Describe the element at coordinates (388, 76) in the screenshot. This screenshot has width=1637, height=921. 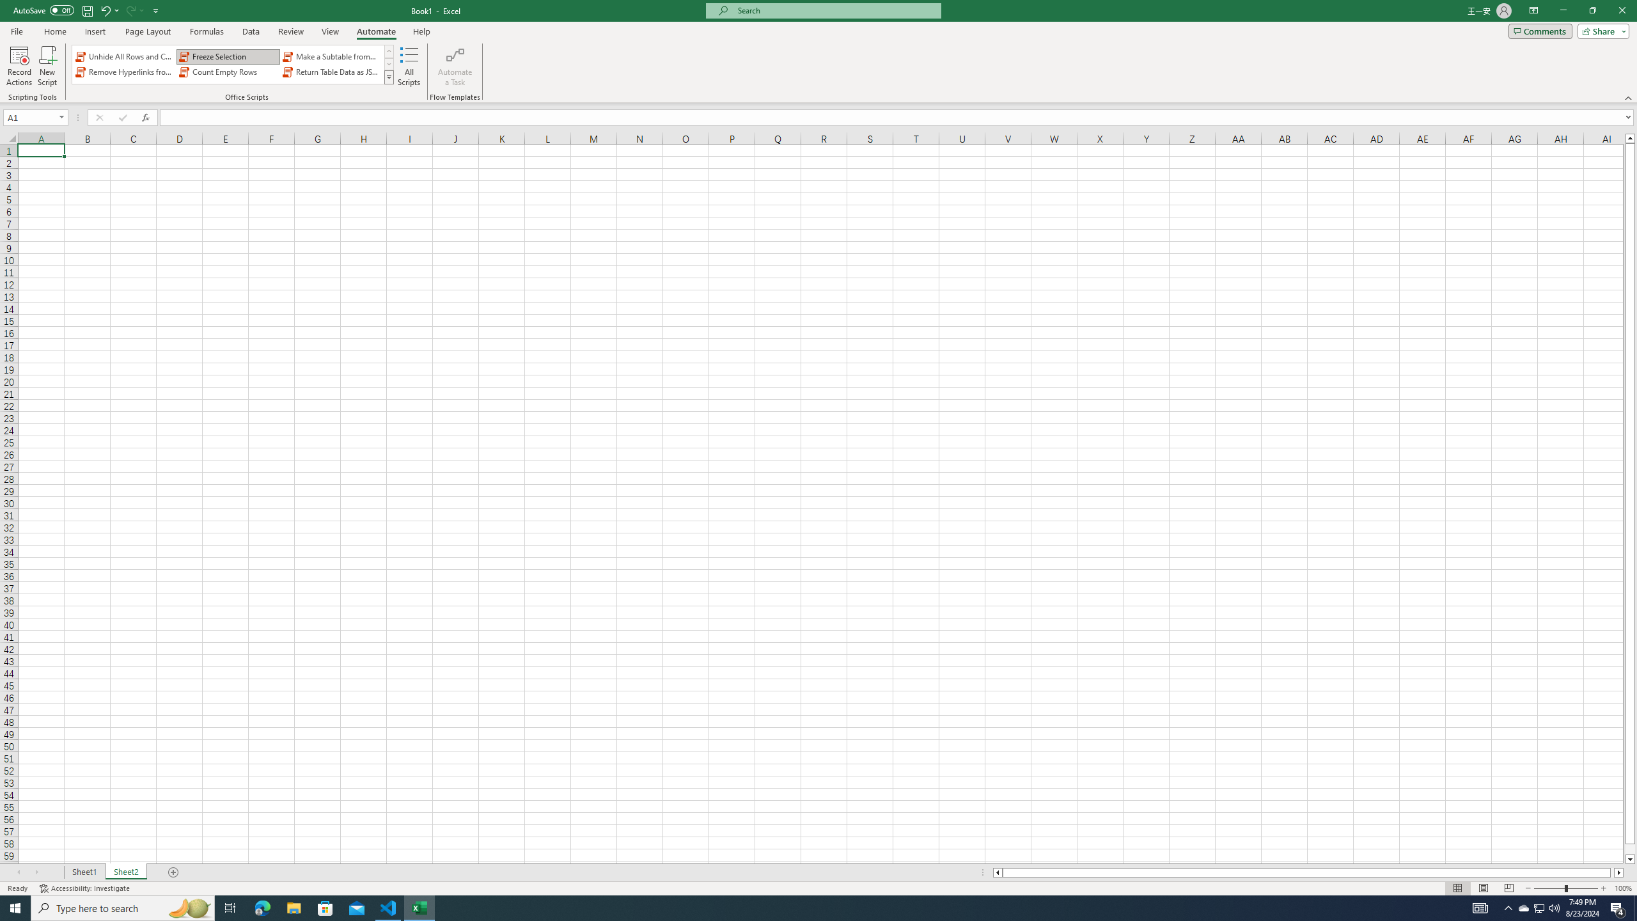
I see `'Class: NetUIImage'` at that location.